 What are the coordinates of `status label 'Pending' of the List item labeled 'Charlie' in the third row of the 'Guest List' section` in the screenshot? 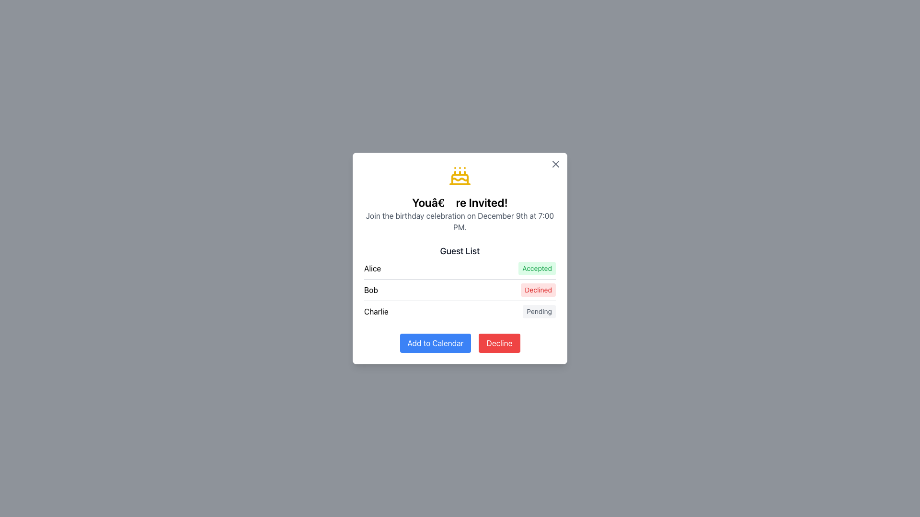 It's located at (460, 311).